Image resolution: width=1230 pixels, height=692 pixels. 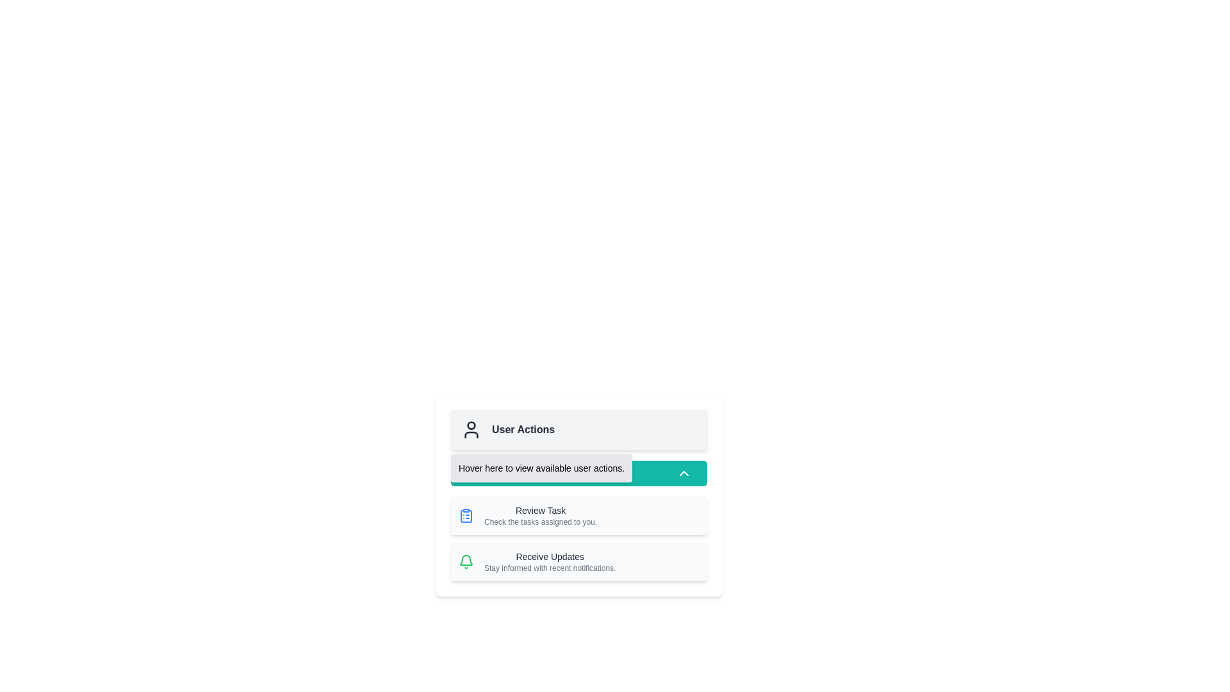 What do you see at coordinates (541, 515) in the screenshot?
I see `the Text Block providing descriptive information for the 'Review Task', located in the second row of the 'User Actions' section` at bounding box center [541, 515].